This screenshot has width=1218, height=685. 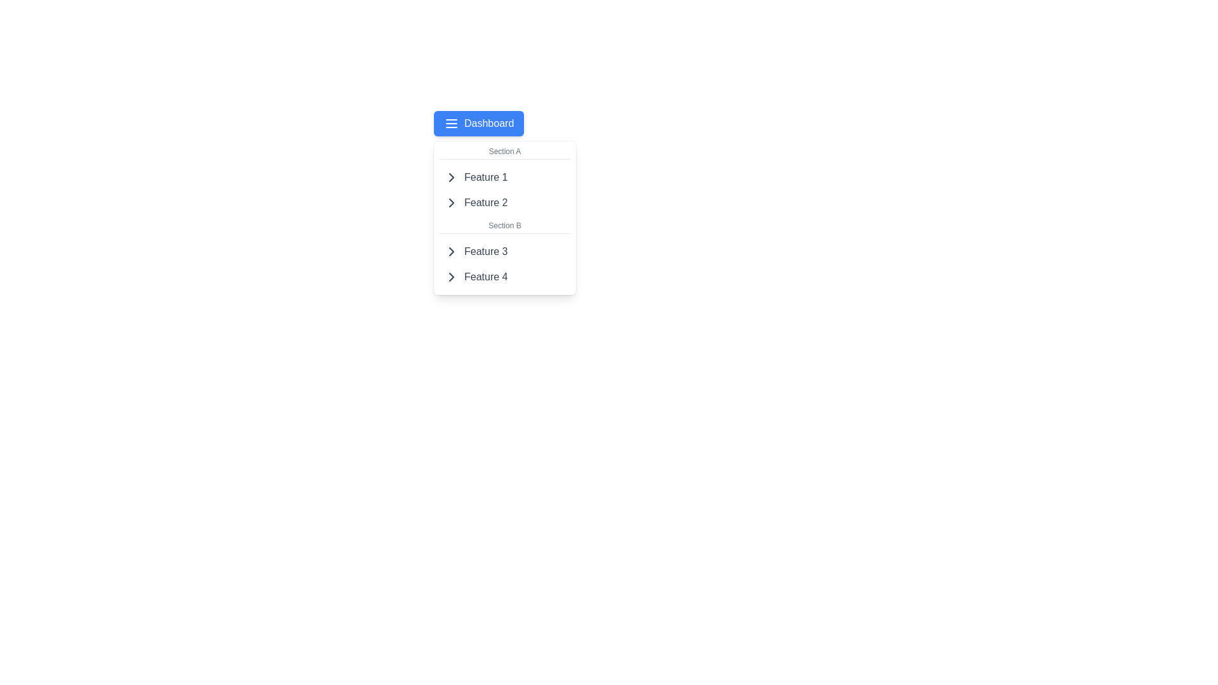 What do you see at coordinates (451, 178) in the screenshot?
I see `the Chevron indicator icon located to the left of the 'Feature 1' text label in the dropdown menu` at bounding box center [451, 178].